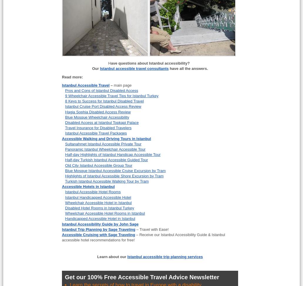  I want to click on '– Travel with Ease!', so click(152, 229).